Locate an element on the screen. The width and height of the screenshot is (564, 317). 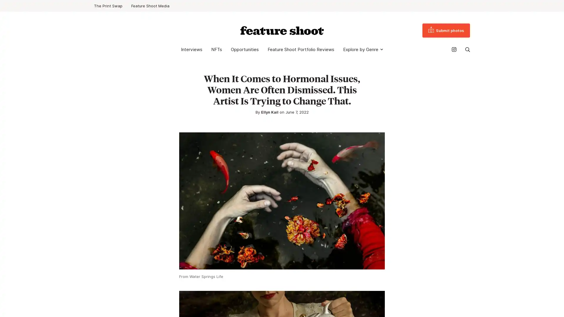
Search is located at coordinates (467, 49).